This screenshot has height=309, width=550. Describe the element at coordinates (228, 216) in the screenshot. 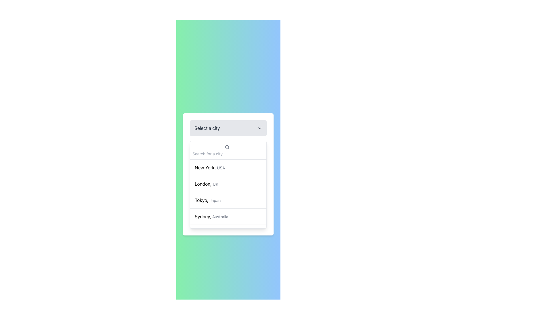

I see `the fourth item in the dropdown list that displays 'Sydney, Australia'` at that location.